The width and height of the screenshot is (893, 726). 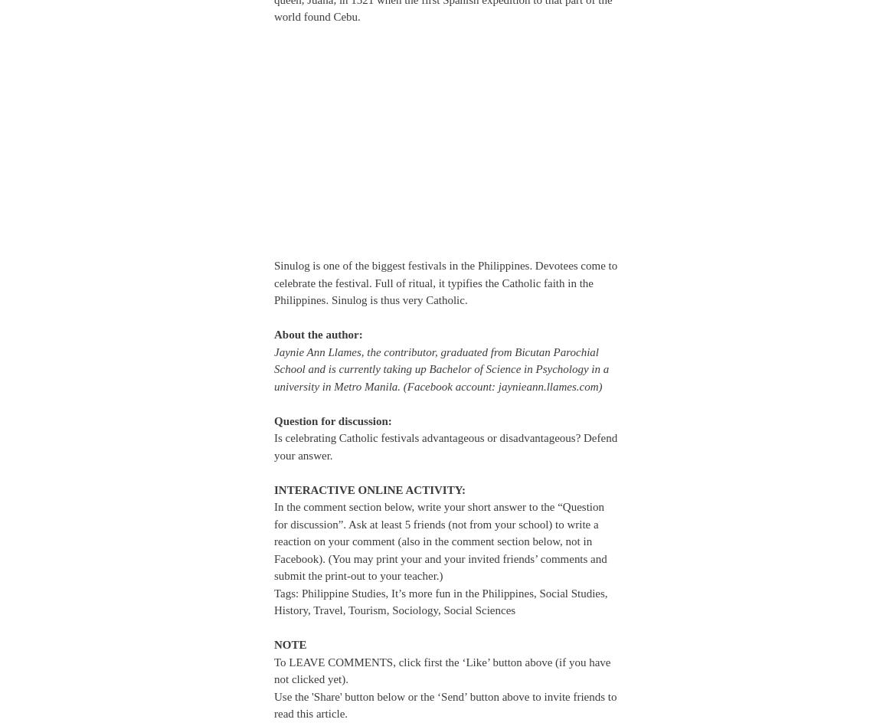 What do you see at coordinates (440, 601) in the screenshot?
I see `'Tags: Philippine Studies, It’s more fun in the Philippines, Social Studies, History, Travel, Tourism, Sociology, Social Sciences'` at bounding box center [440, 601].